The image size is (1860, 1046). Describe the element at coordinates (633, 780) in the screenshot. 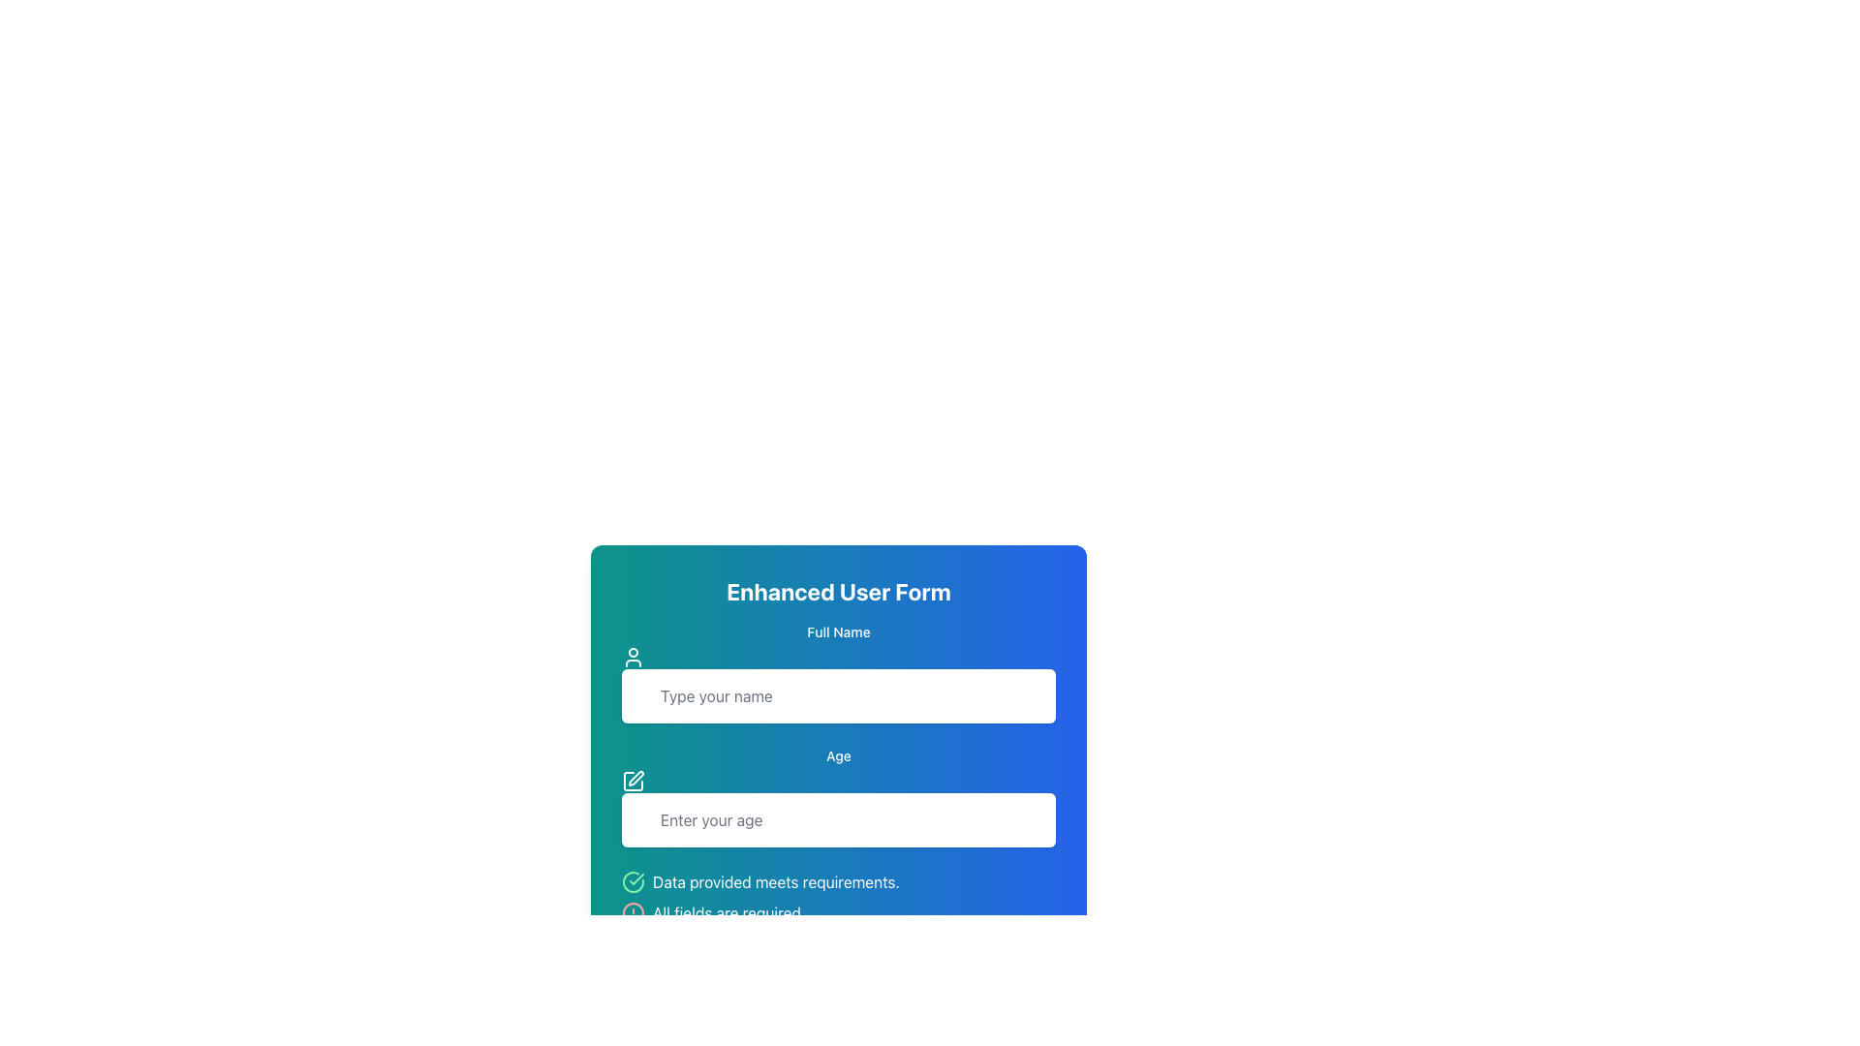

I see `the graphical icon located immediately to the left of the 'Age' text input field` at that location.